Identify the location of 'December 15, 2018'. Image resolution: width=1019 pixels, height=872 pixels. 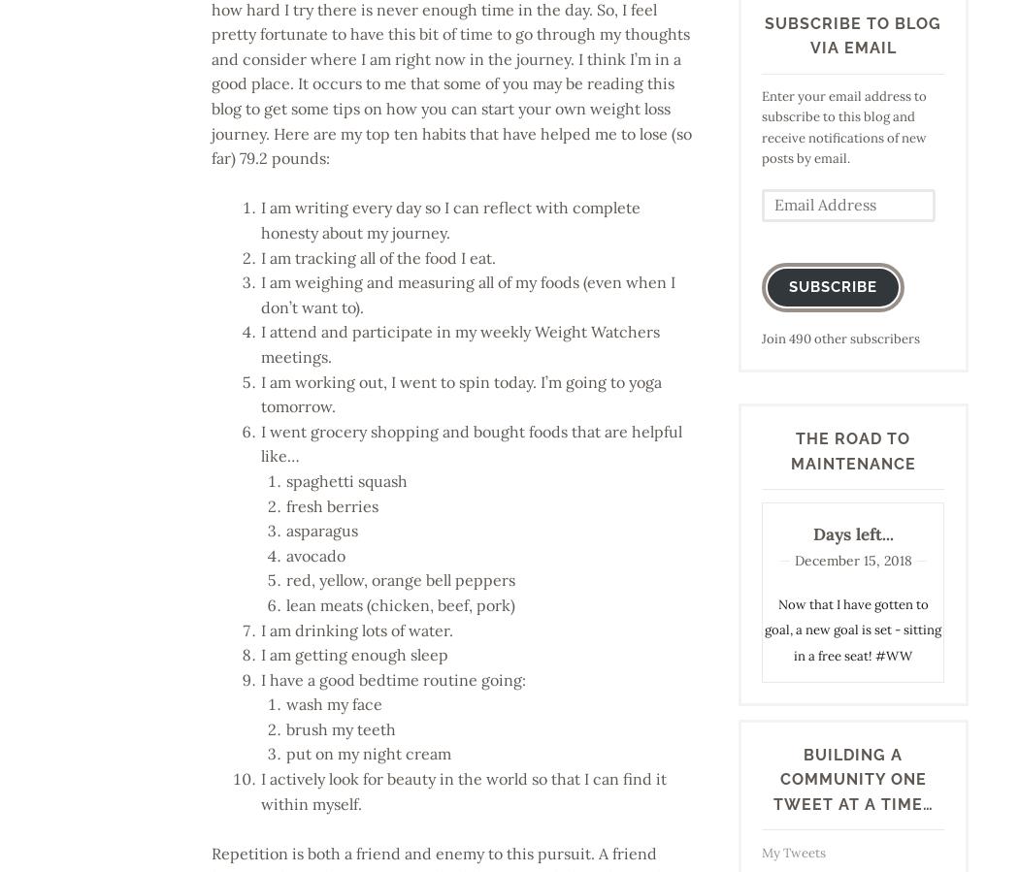
(851, 560).